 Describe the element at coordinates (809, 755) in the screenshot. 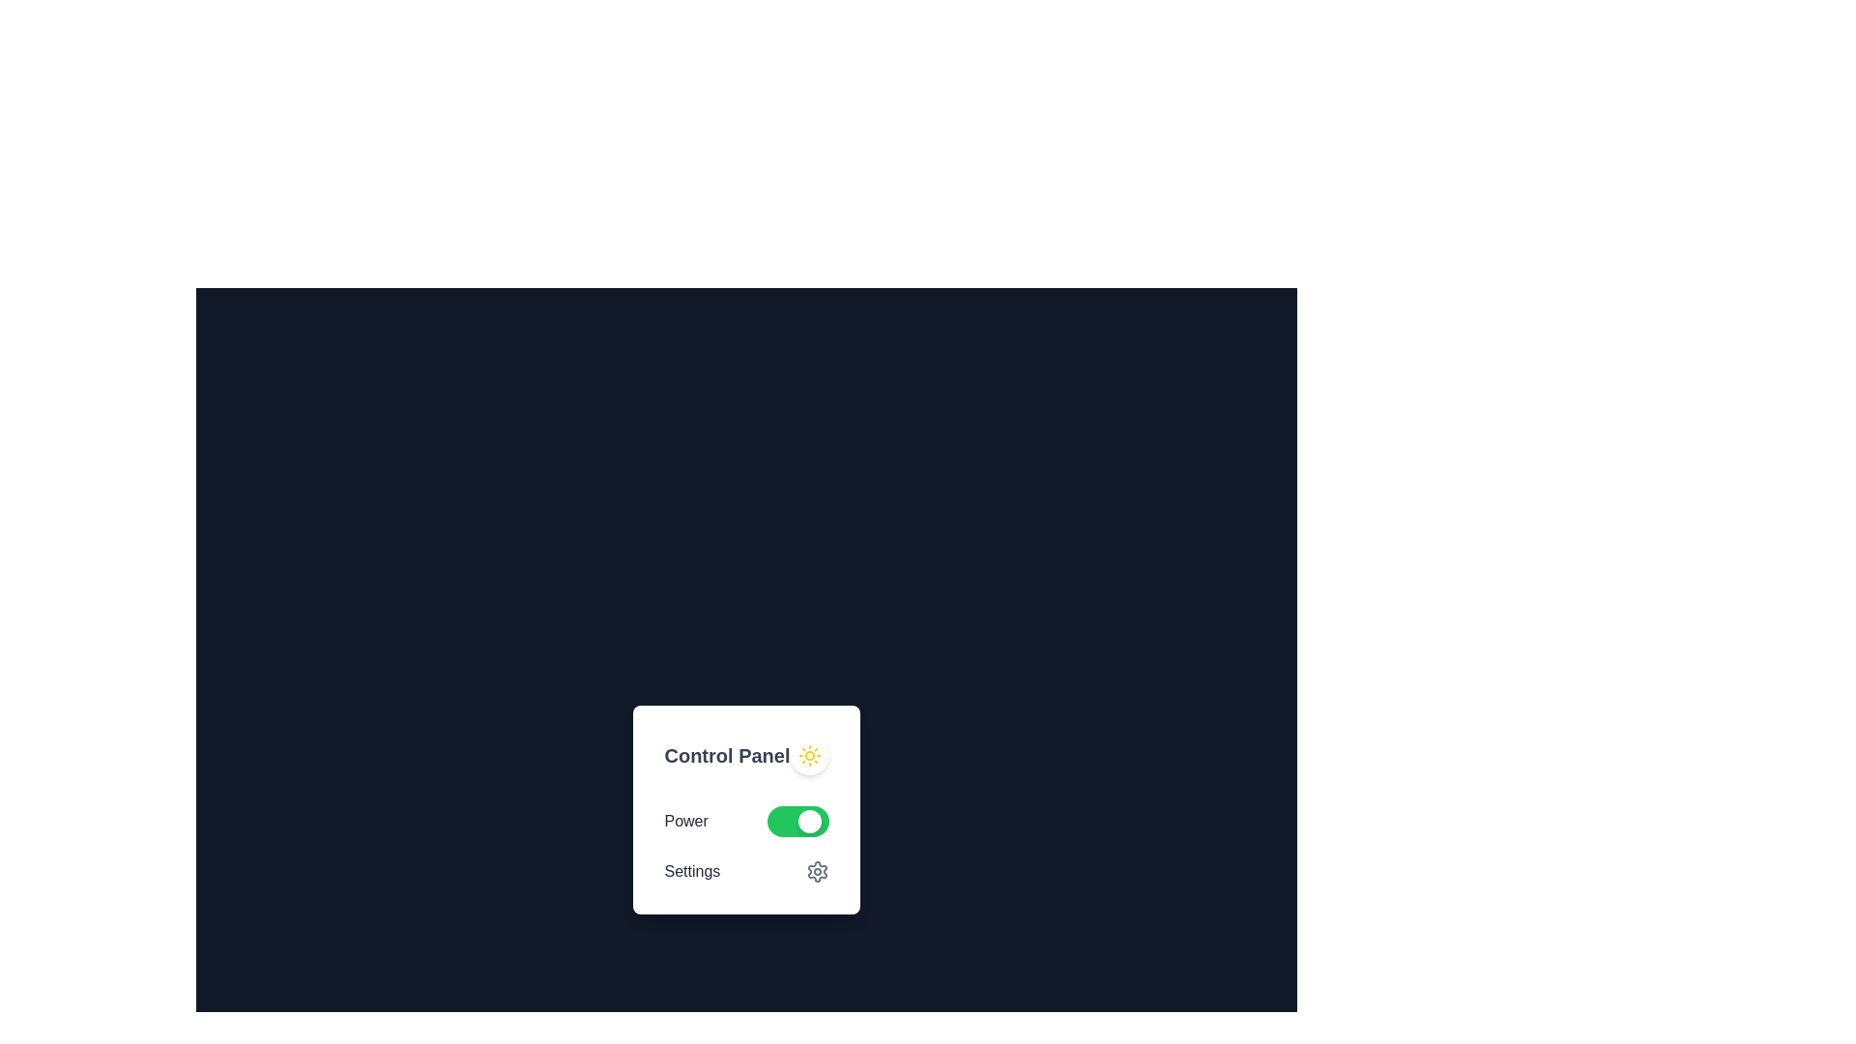

I see `the circular button with a yellow sun icon indicating brightness control, located` at that location.